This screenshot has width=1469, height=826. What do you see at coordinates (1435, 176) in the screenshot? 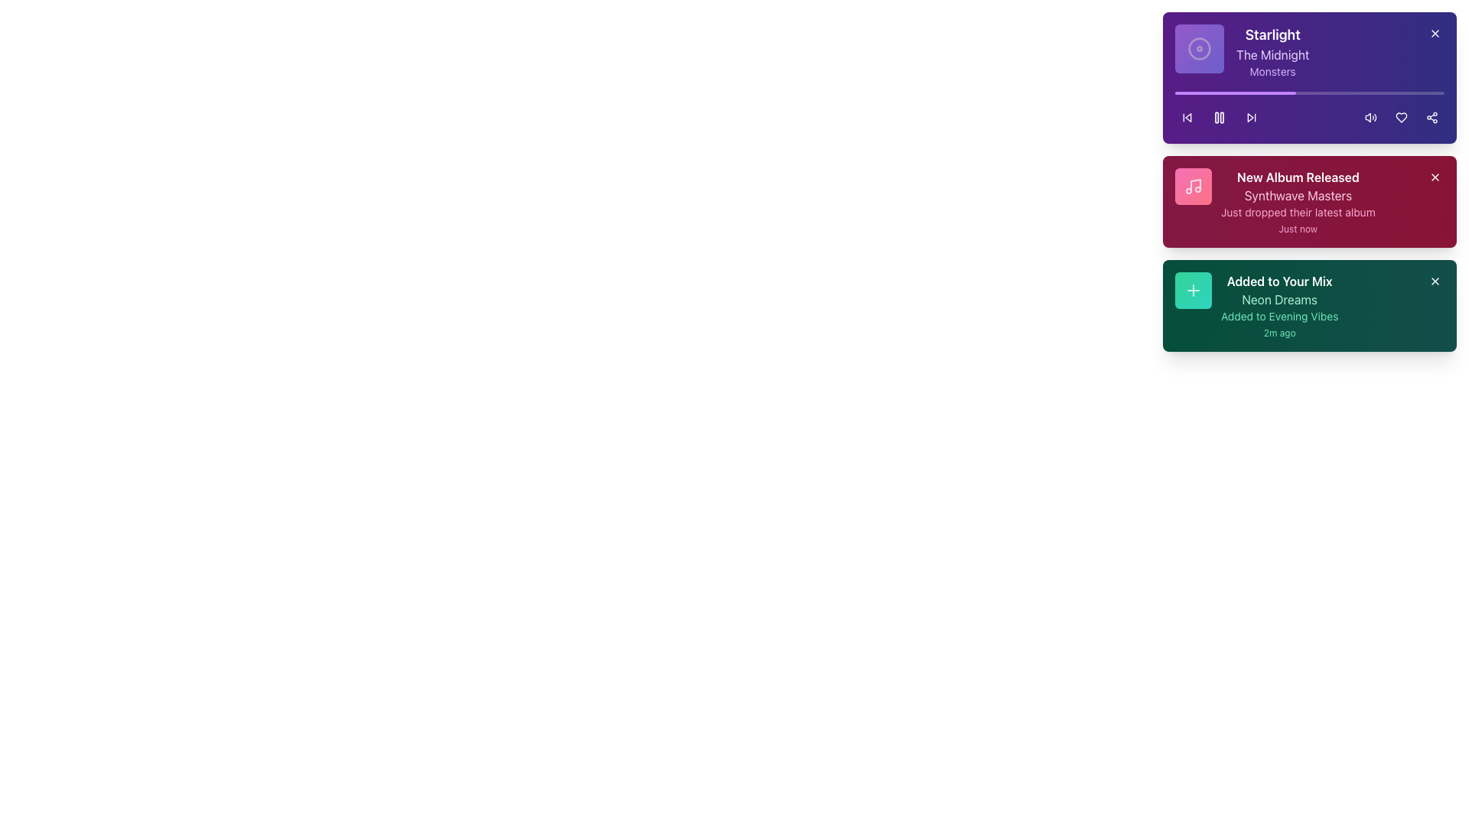
I see `the circular red button with a white 'X' icon located at the top-right corner of the card titled 'New Album Released'` at bounding box center [1435, 176].